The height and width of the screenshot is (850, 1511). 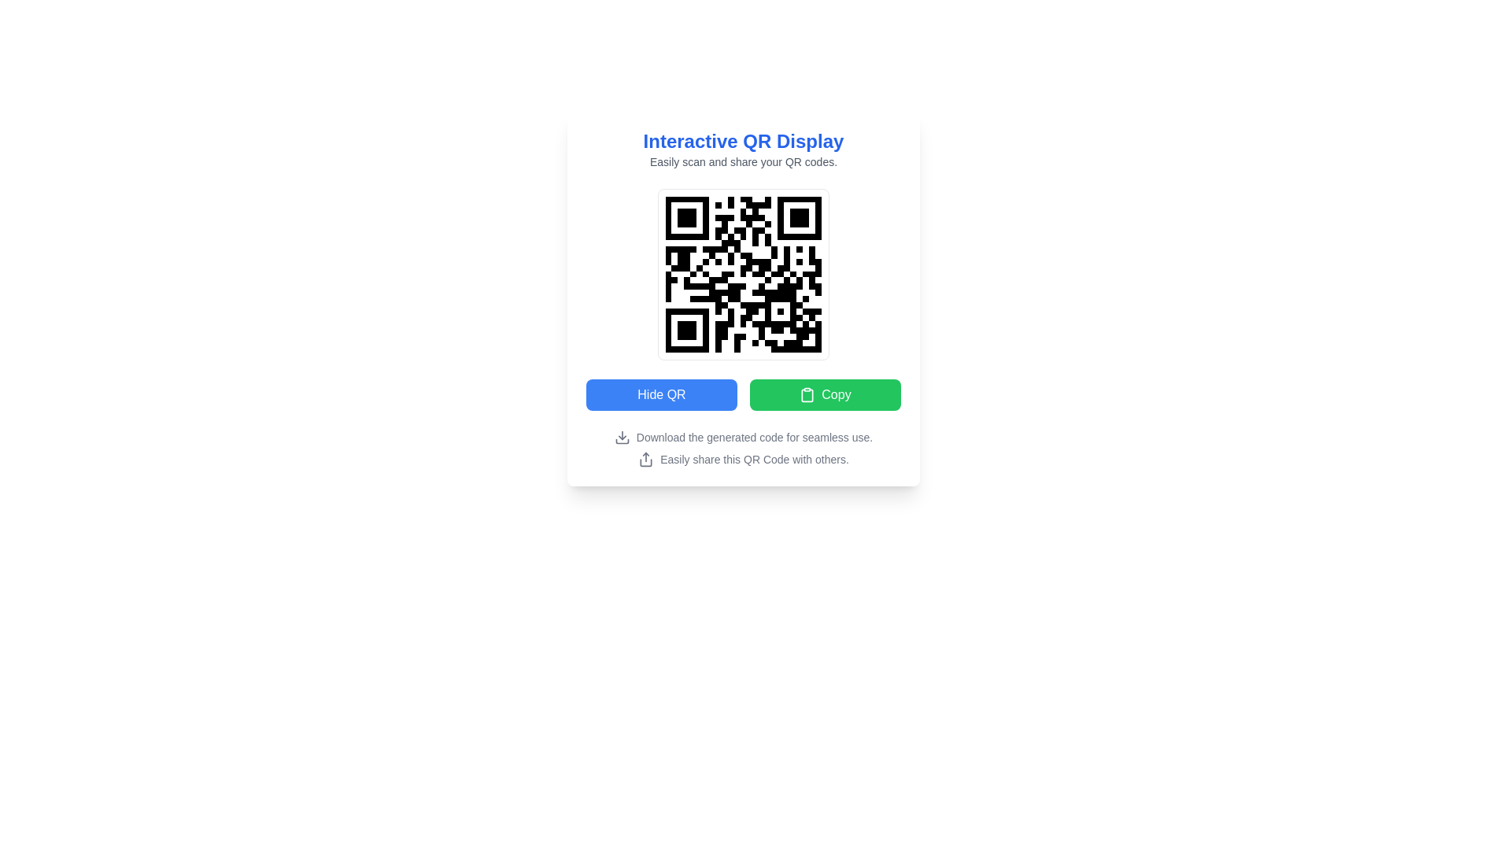 I want to click on the second button in the horizontal arrangement that allows users to copy the displayed QR code or associated data to the clipboard, so click(x=825, y=394).